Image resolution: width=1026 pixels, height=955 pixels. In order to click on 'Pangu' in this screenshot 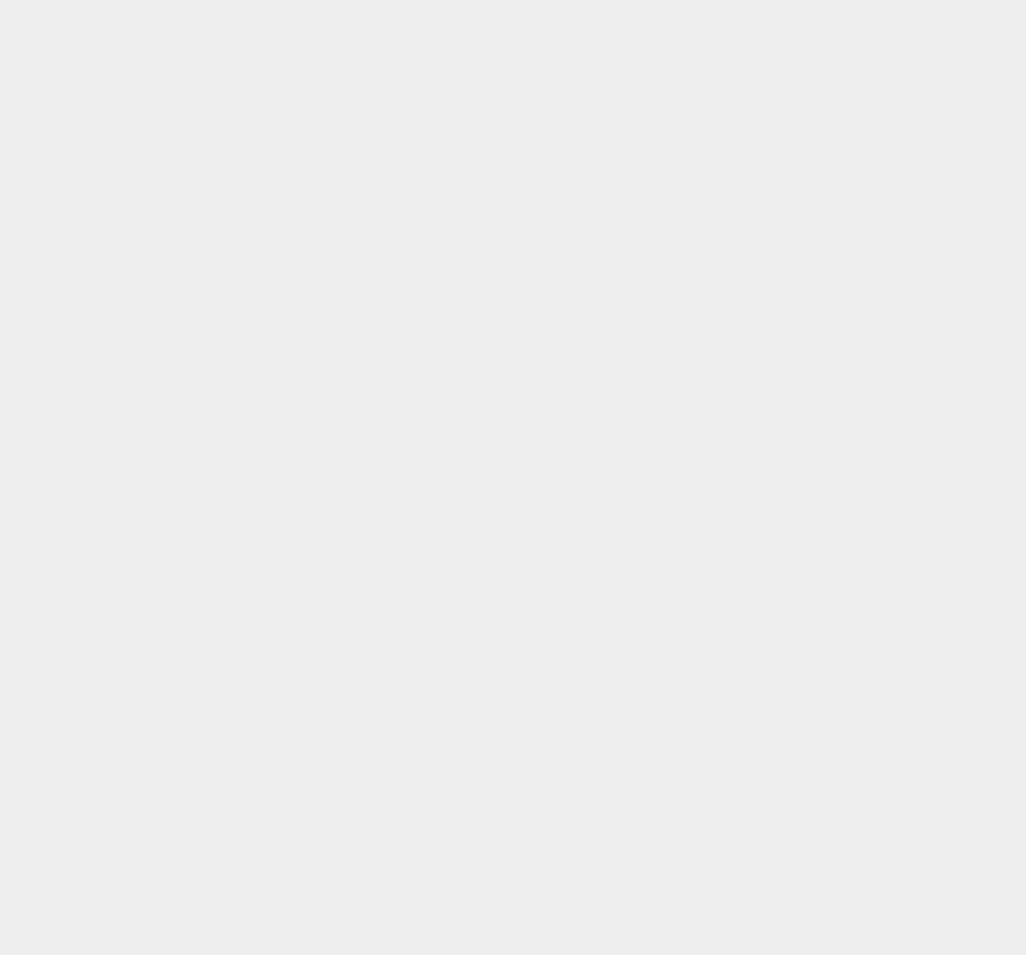, I will do `click(742, 603)`.